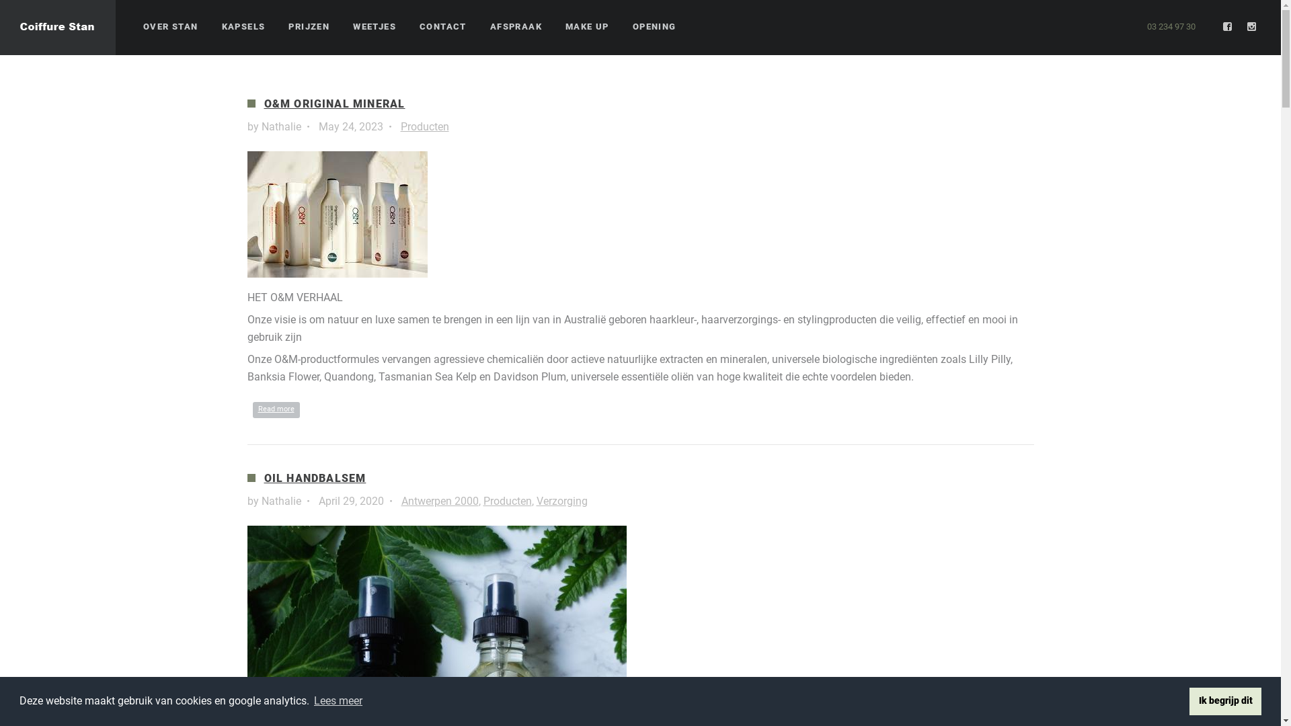 The image size is (1291, 726). Describe the element at coordinates (439, 501) in the screenshot. I see `'Antwerpen 2000'` at that location.